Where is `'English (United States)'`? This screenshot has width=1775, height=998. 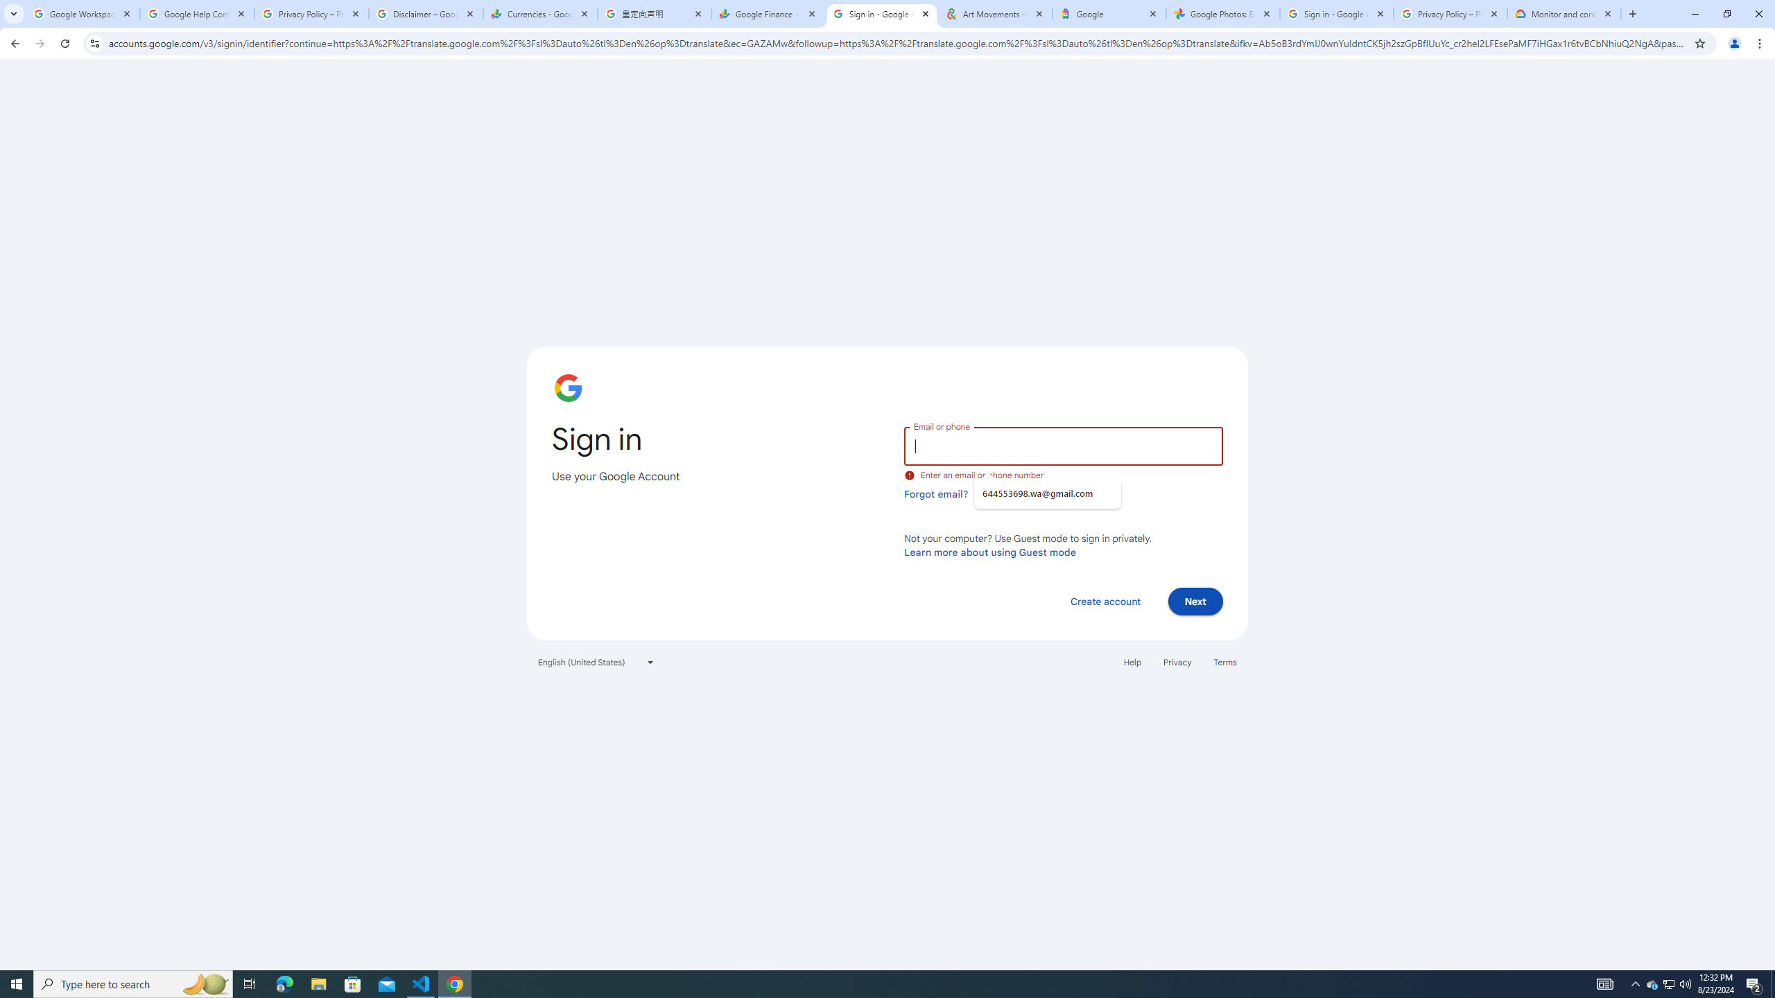
'English (United States)' is located at coordinates (596, 661).